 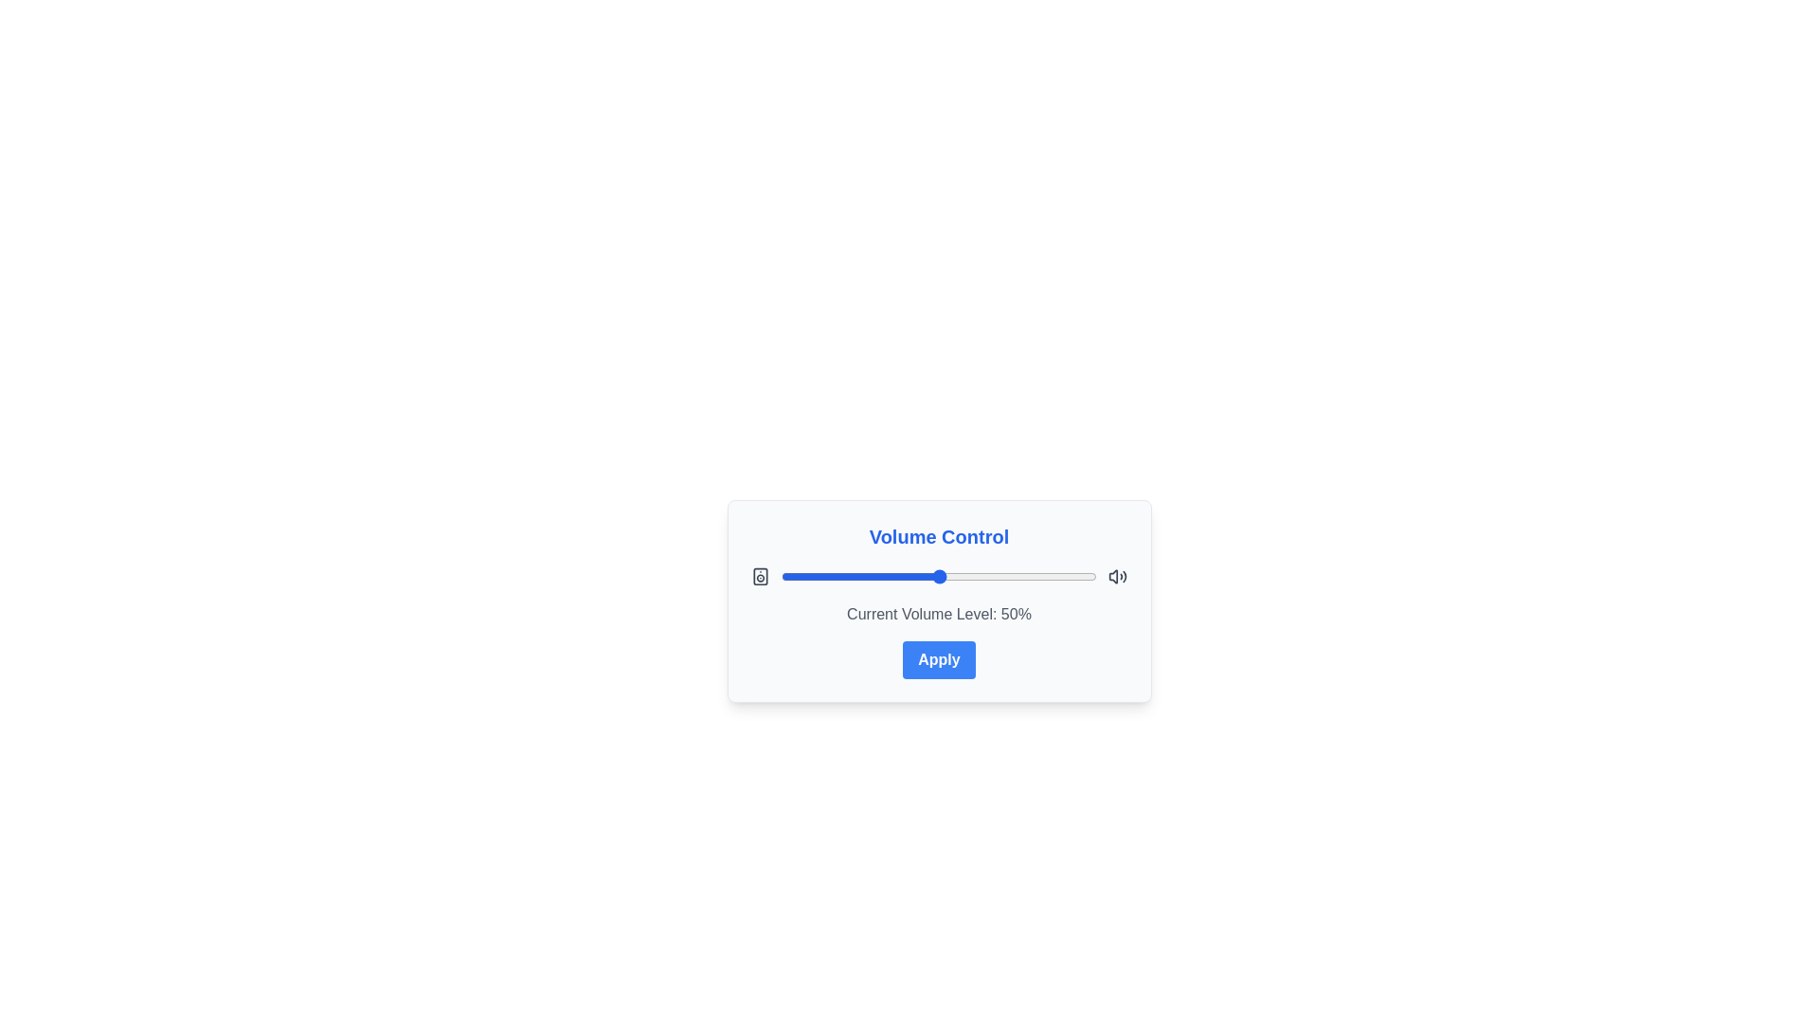 What do you see at coordinates (865, 576) in the screenshot?
I see `the slider` at bounding box center [865, 576].